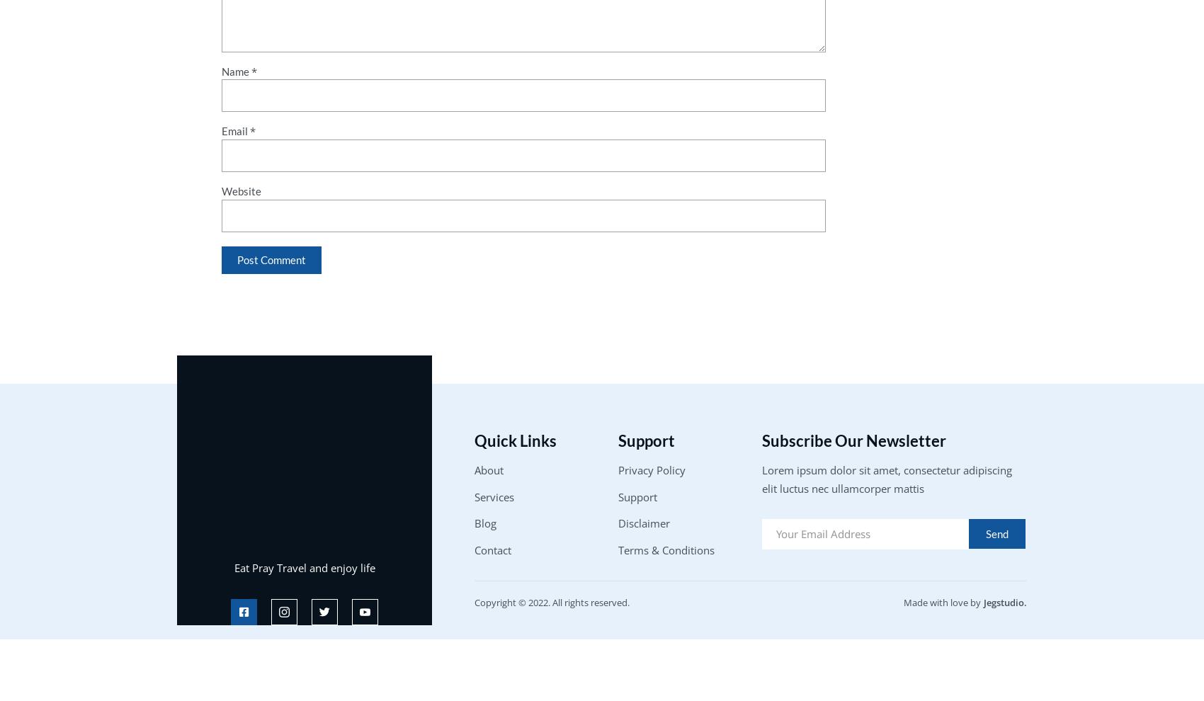 This screenshot has height=701, width=1204. Describe the element at coordinates (643, 523) in the screenshot. I see `'Disclaimer'` at that location.